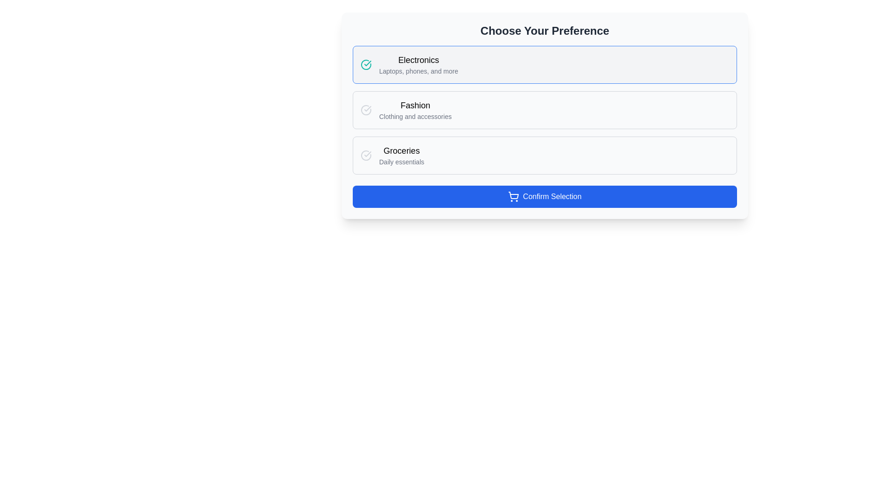 The width and height of the screenshot is (890, 500). Describe the element at coordinates (545, 155) in the screenshot. I see `the list item labeled 'Groceries' under the section 'Choose Your Preference'` at that location.